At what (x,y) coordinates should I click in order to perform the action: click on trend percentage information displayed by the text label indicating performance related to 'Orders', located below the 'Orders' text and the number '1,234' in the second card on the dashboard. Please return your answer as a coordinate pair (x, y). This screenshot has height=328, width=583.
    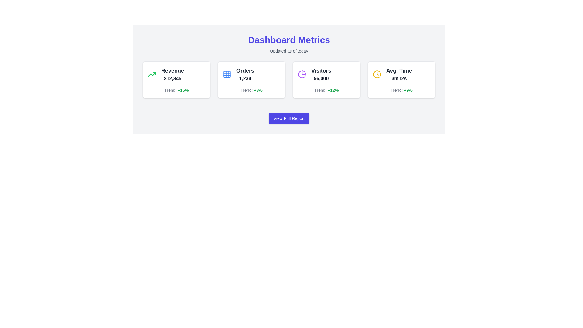
    Looking at the image, I should click on (251, 90).